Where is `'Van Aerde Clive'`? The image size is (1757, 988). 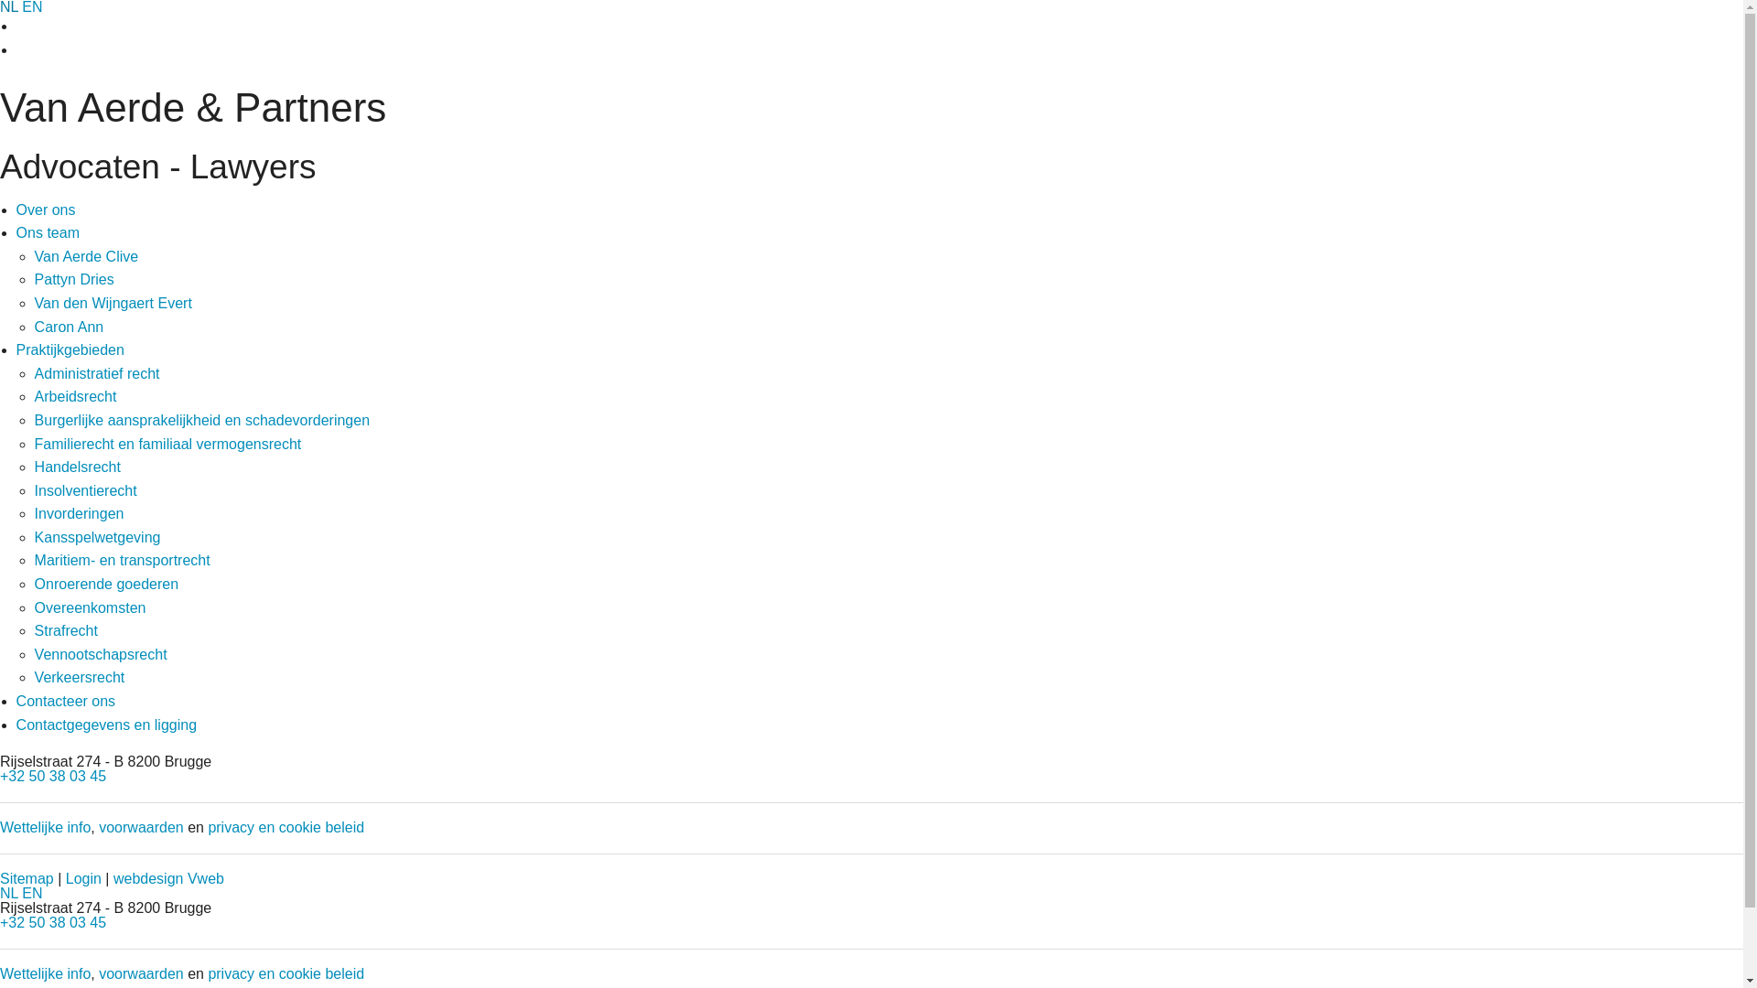 'Van Aerde Clive' is located at coordinates (86, 256).